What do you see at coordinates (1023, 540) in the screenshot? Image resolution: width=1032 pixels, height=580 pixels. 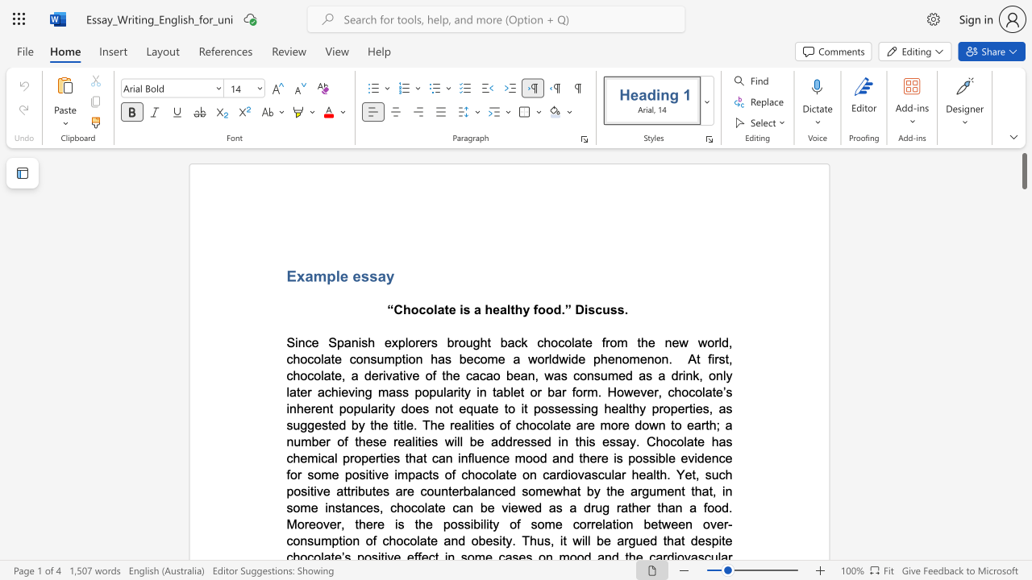 I see `the scrollbar to move the content lower` at bounding box center [1023, 540].